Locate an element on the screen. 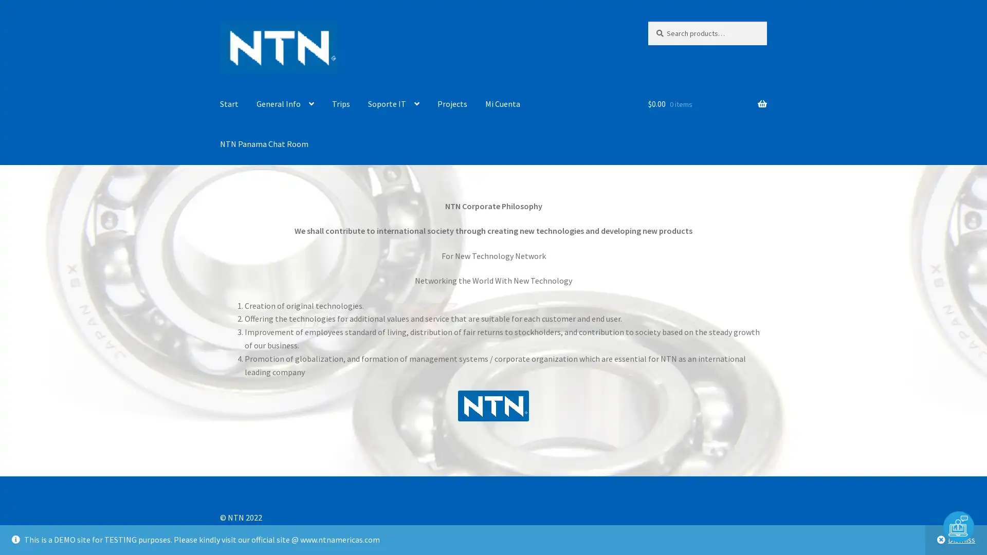 This screenshot has height=555, width=987. Search is located at coordinates (647, 21).